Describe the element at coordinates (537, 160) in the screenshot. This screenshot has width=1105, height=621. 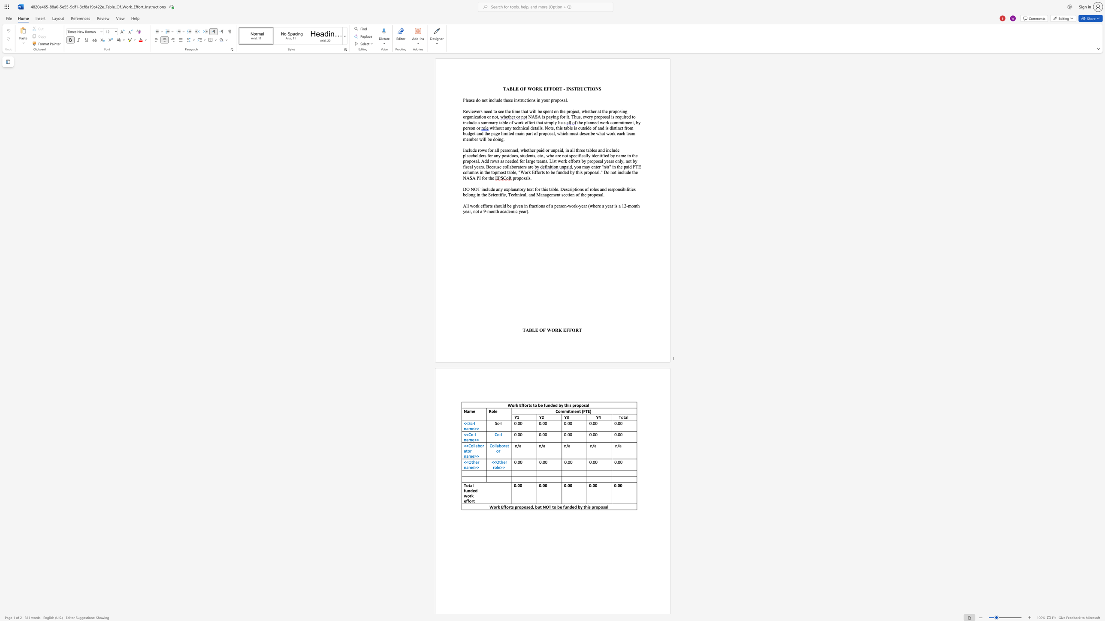
I see `the subset text "eams." within the text "by name in the proposal. Add rows as needed for large teams. List work efforts by proposal years only, not by fiscal years. Because collaborators are"` at that location.